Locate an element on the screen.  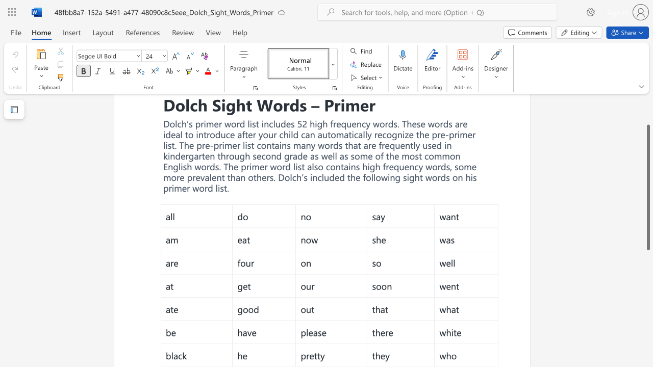
the subset text "hat are frequently used in kindergarten through second grade as well as some of the most common English words. The primer word list also contains high frequency words, some more prevalent tha" within the text "primer word list includes 52 high frequency words. These words are ideal to introduce after your child can automatically recognize the pre-primer list. The pre-primer list contains many words that are frequently used in kindergarten through second grade as well as some of the most common English words. The primer word list also contains high frequency words, some more prevalent than others." is located at coordinates (348, 145).